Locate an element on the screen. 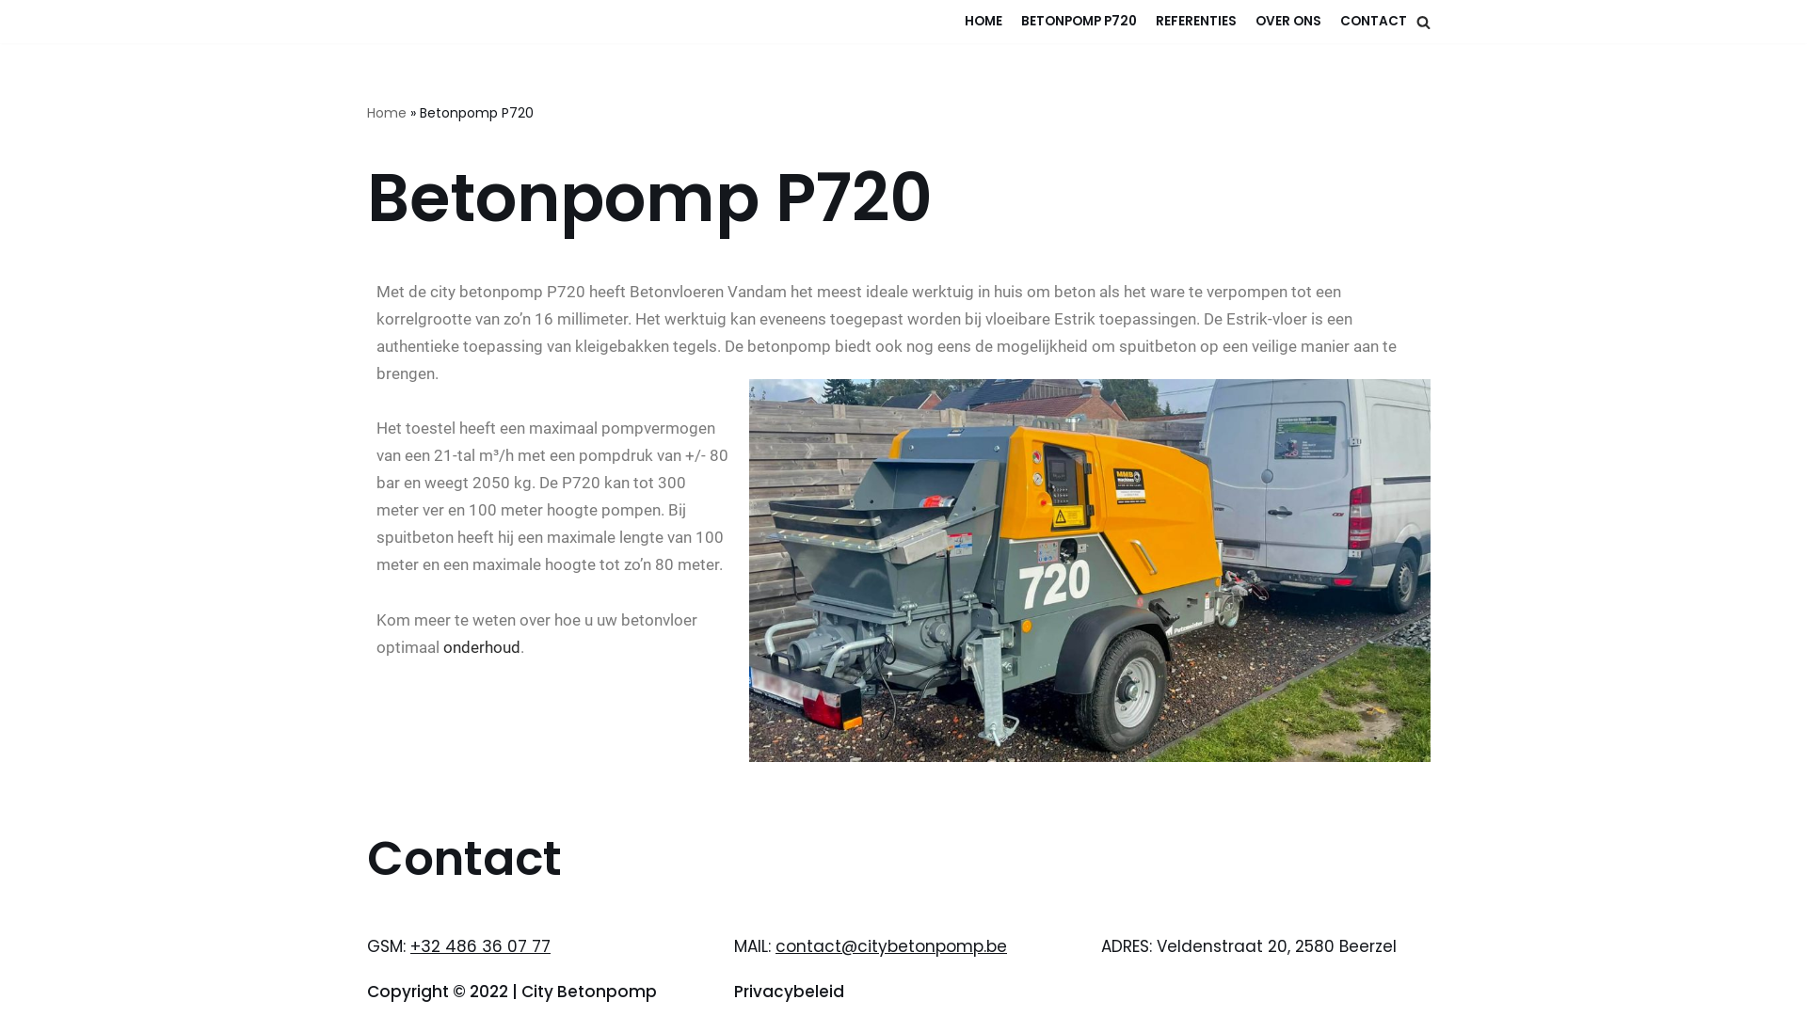 The width and height of the screenshot is (1807, 1016). 'OVER ONS' is located at coordinates (1287, 22).